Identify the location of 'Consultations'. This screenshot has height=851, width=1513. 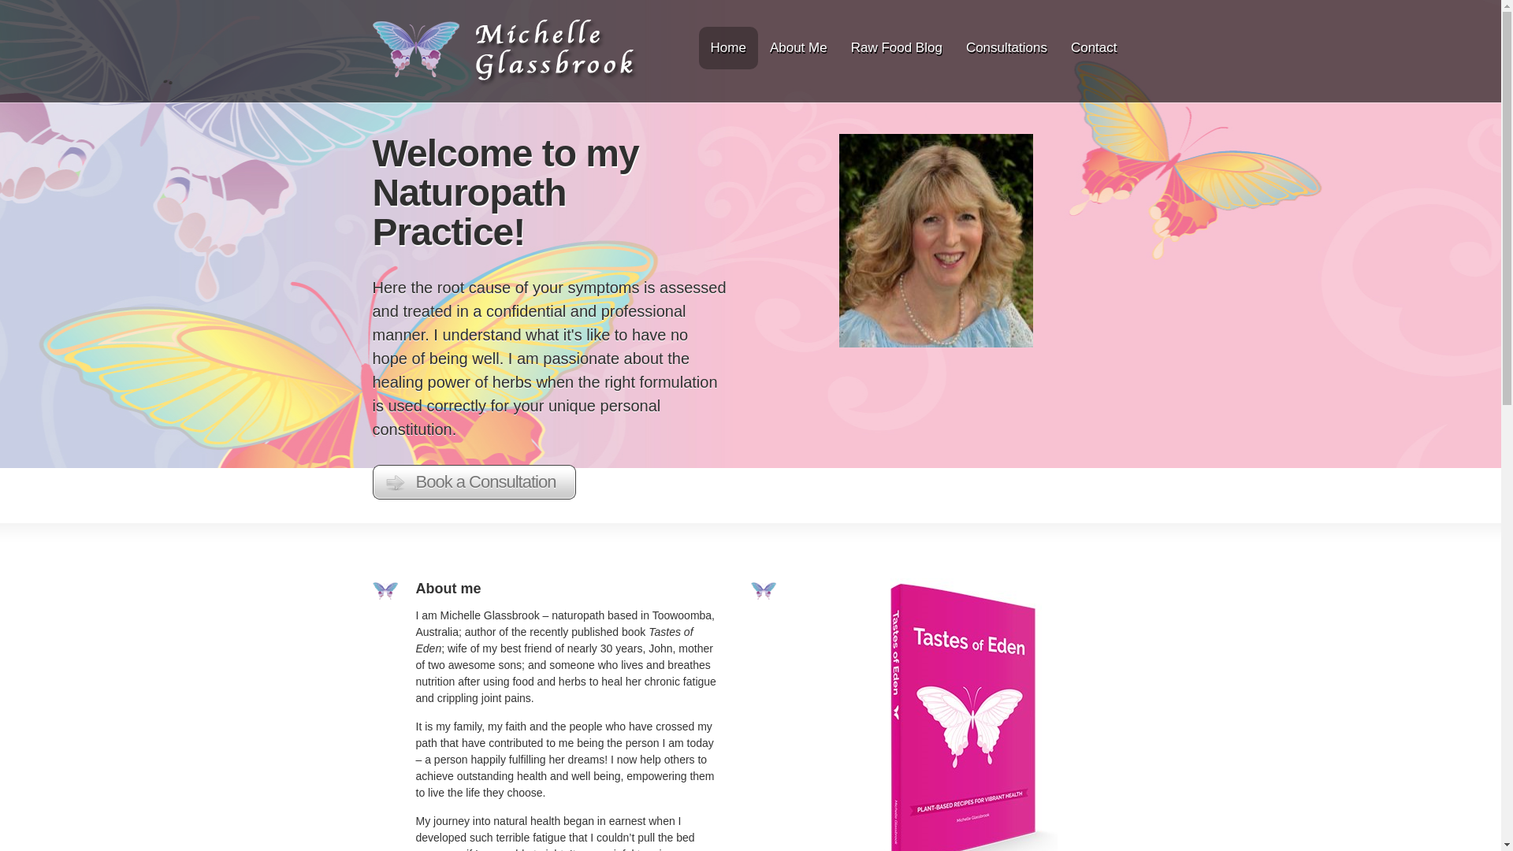
(1006, 47).